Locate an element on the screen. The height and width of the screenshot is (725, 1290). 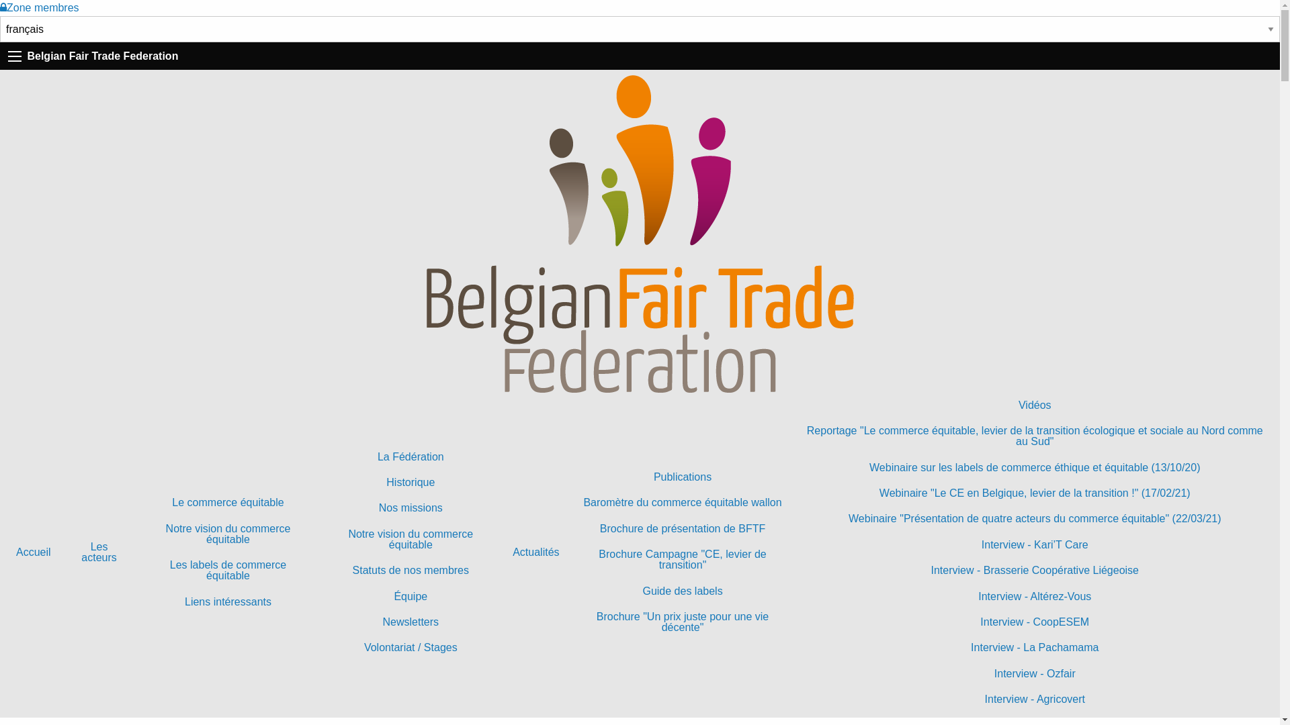
'Historique' is located at coordinates (409, 481).